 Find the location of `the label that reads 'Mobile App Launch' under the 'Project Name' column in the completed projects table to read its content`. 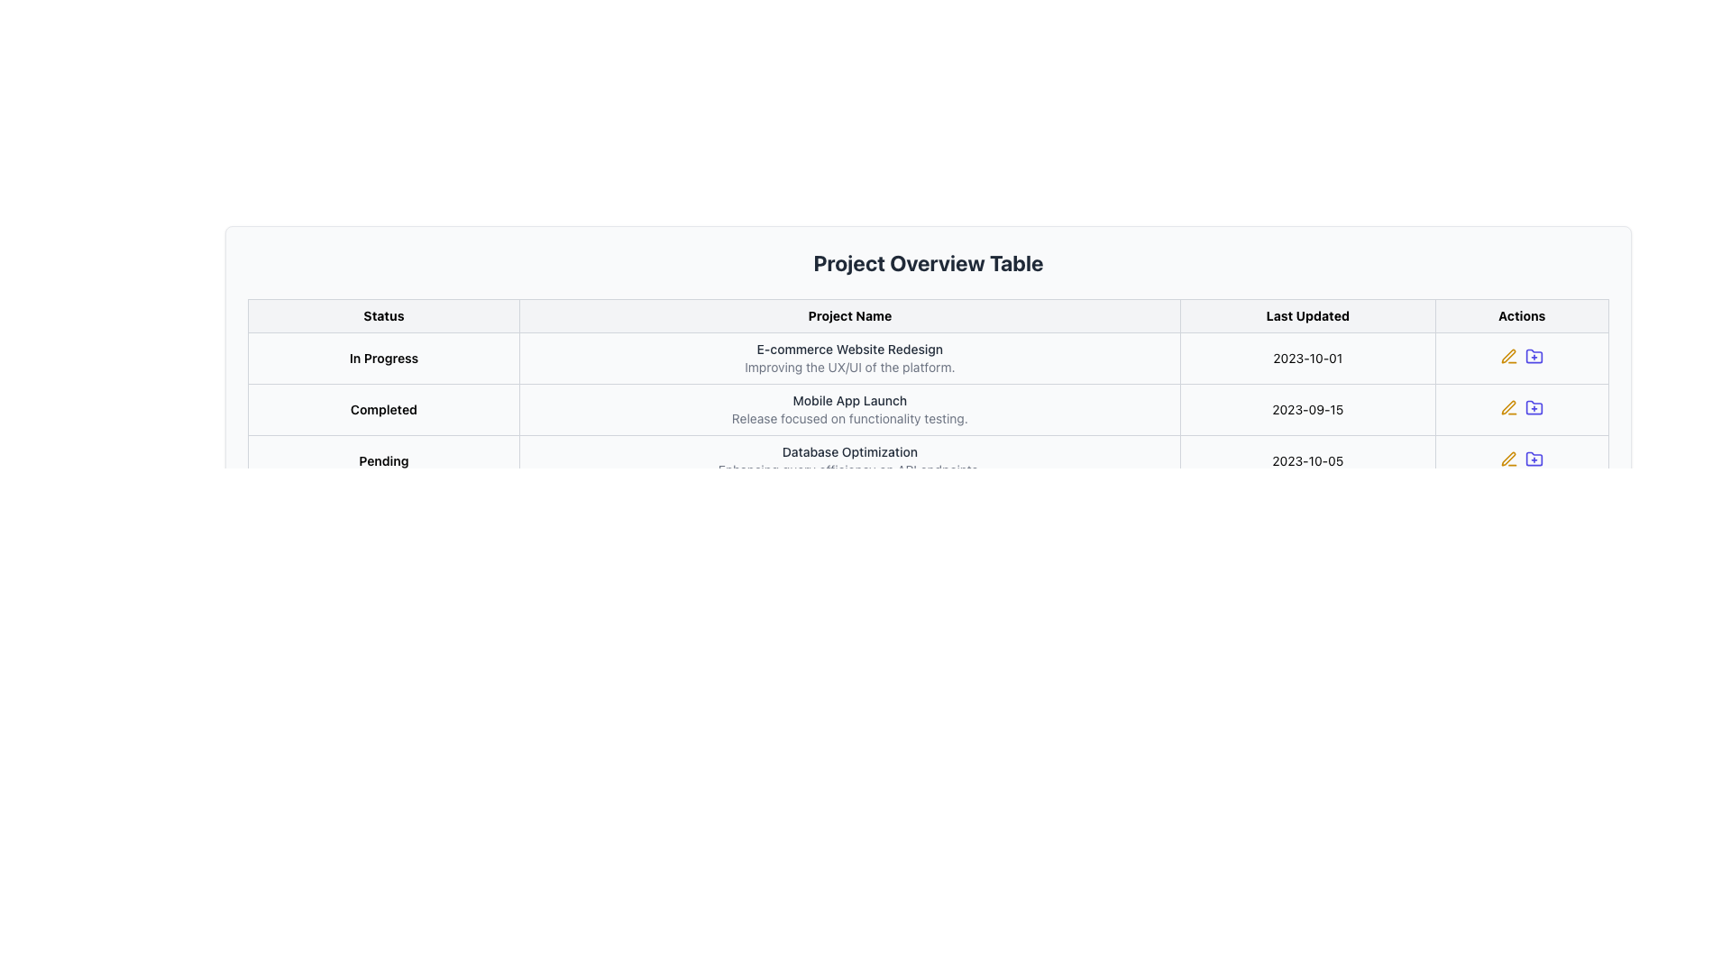

the label that reads 'Mobile App Launch' under the 'Project Name' column in the completed projects table to read its content is located at coordinates (848, 399).